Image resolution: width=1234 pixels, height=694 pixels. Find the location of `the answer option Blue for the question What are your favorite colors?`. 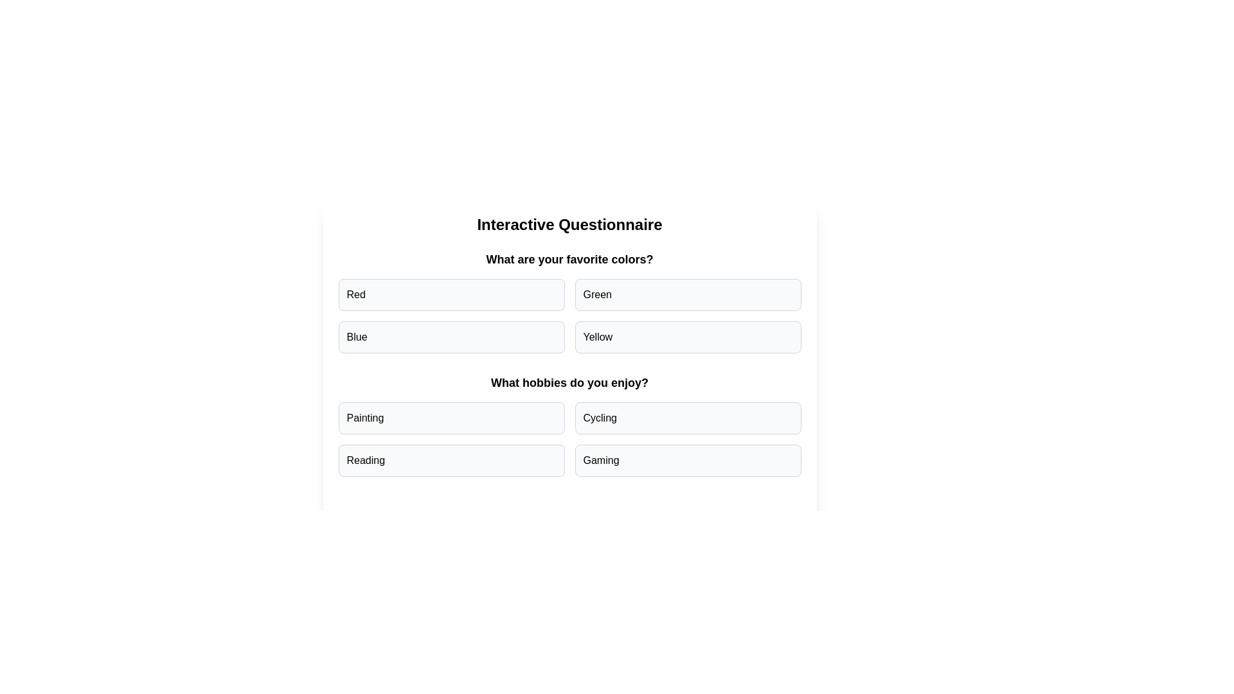

the answer option Blue for the question What are your favorite colors? is located at coordinates (451, 336).